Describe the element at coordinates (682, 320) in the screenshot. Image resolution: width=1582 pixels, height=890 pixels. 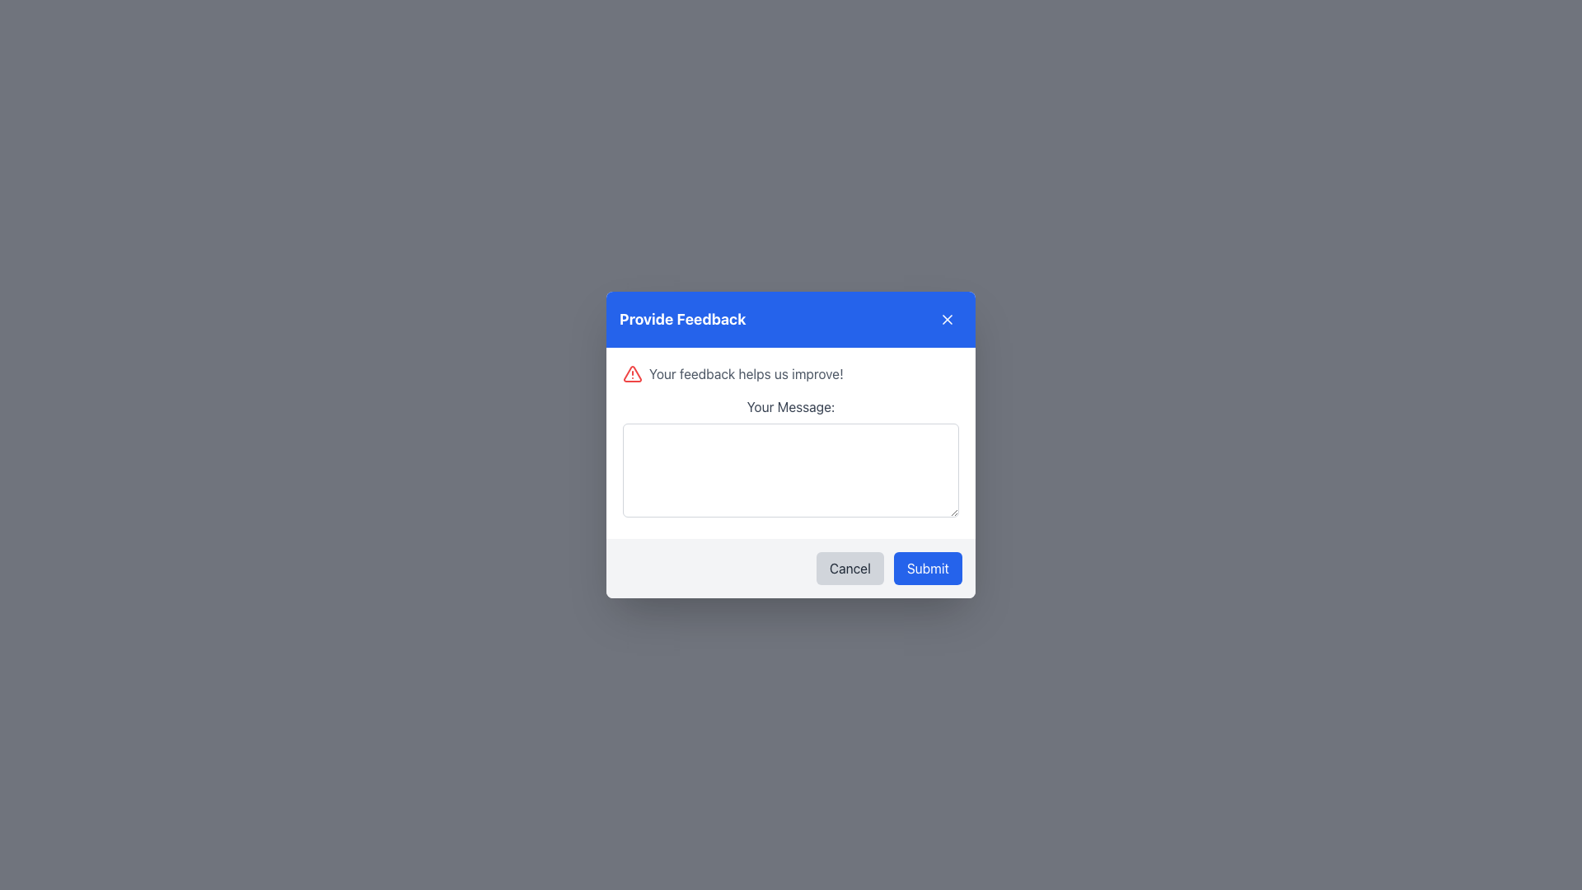
I see `the text header displaying 'Provide Feedback' which is styled in bold white font against a blue background, located at the top section of the modal` at that location.